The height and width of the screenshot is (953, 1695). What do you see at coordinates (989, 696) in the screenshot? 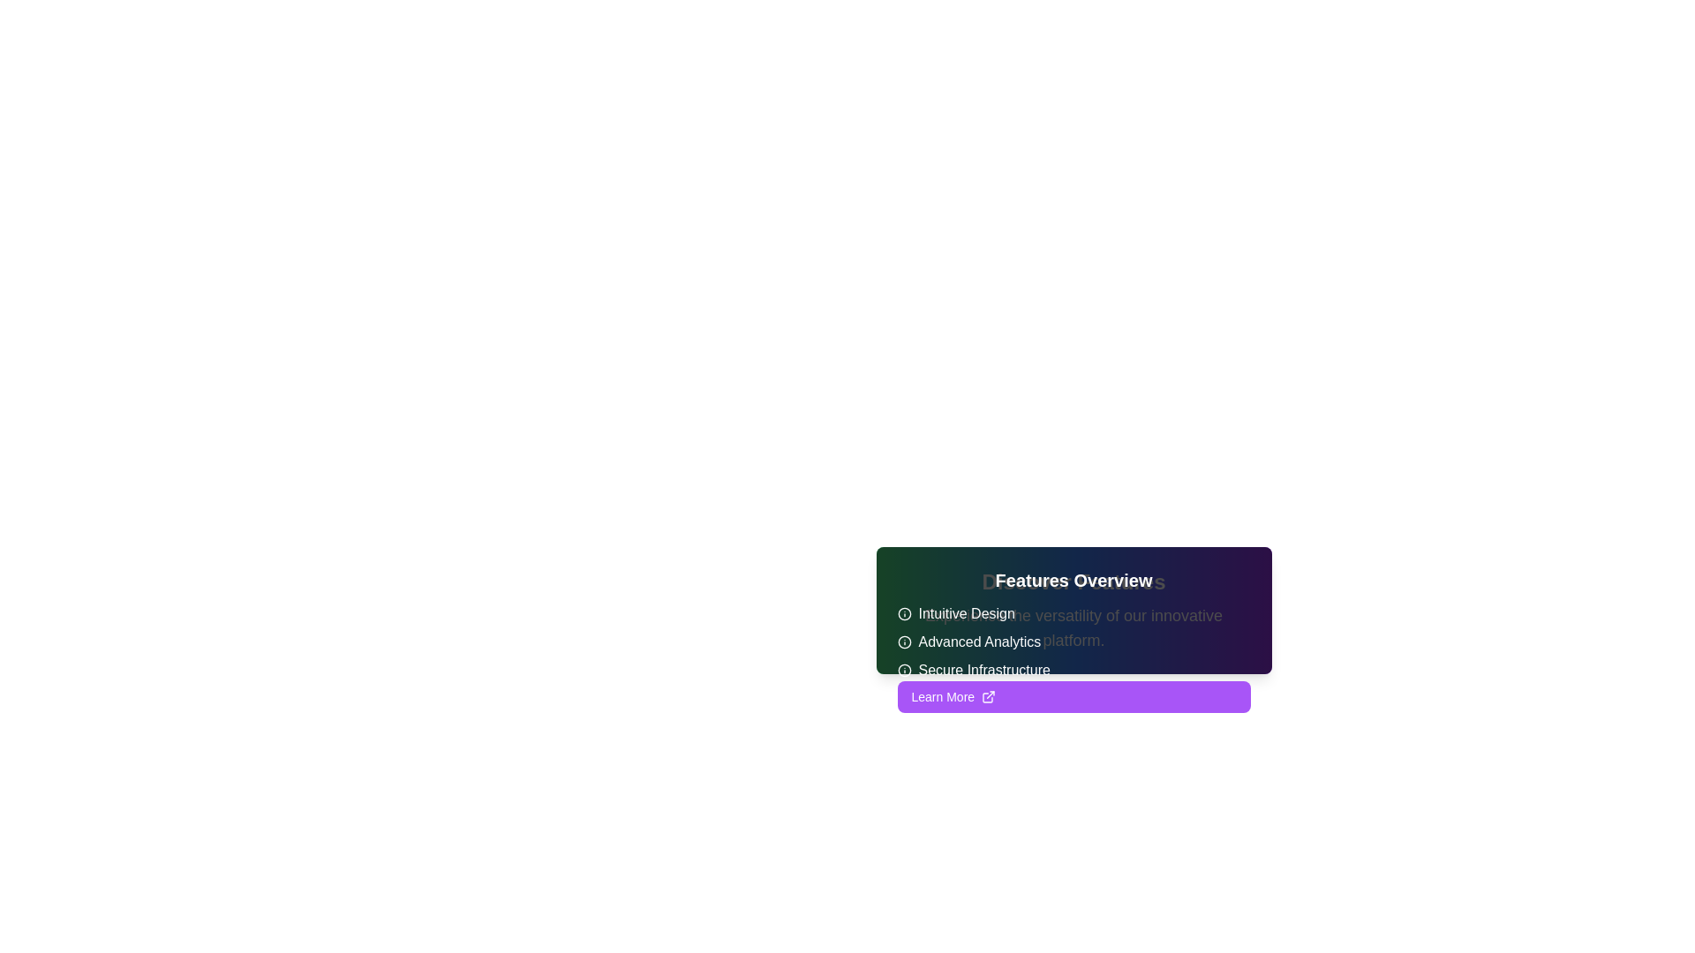
I see `the outlined link icon located to the right of the 'Learn More' button, which is prominently styled in purple with white text` at bounding box center [989, 696].